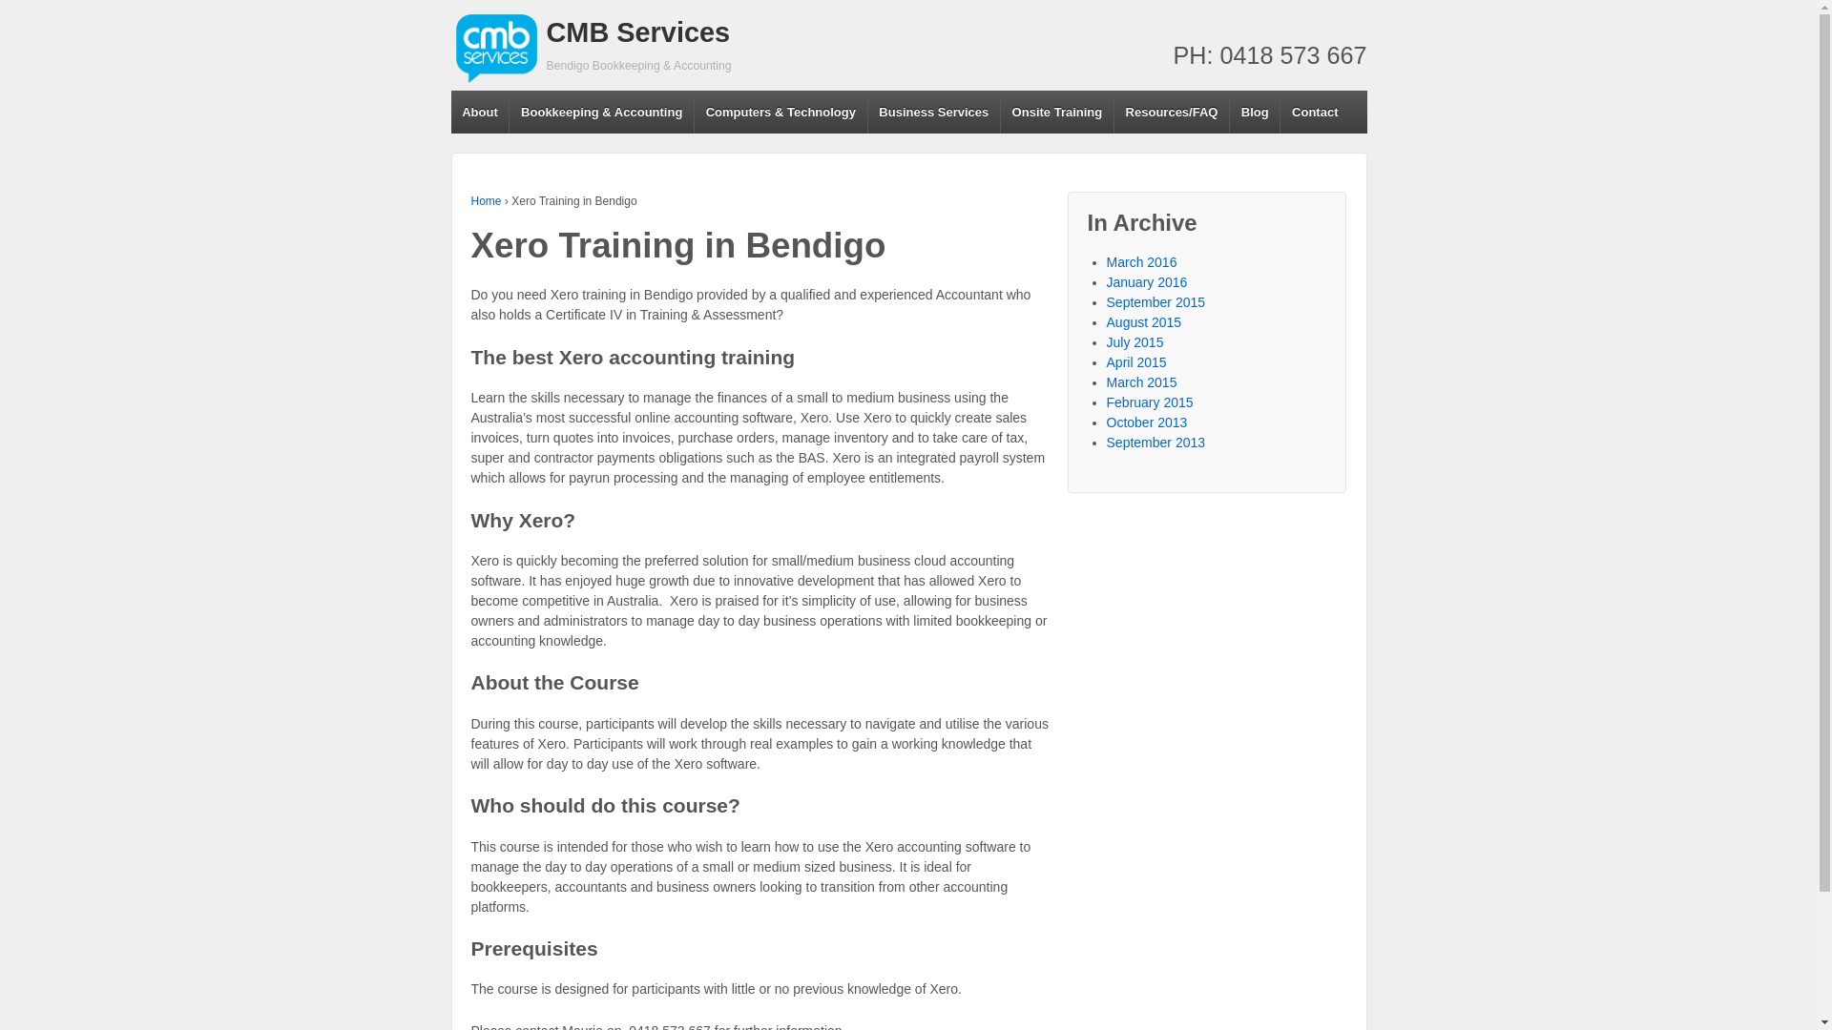 This screenshot has width=1832, height=1030. I want to click on 'September 2015', so click(1155, 300).